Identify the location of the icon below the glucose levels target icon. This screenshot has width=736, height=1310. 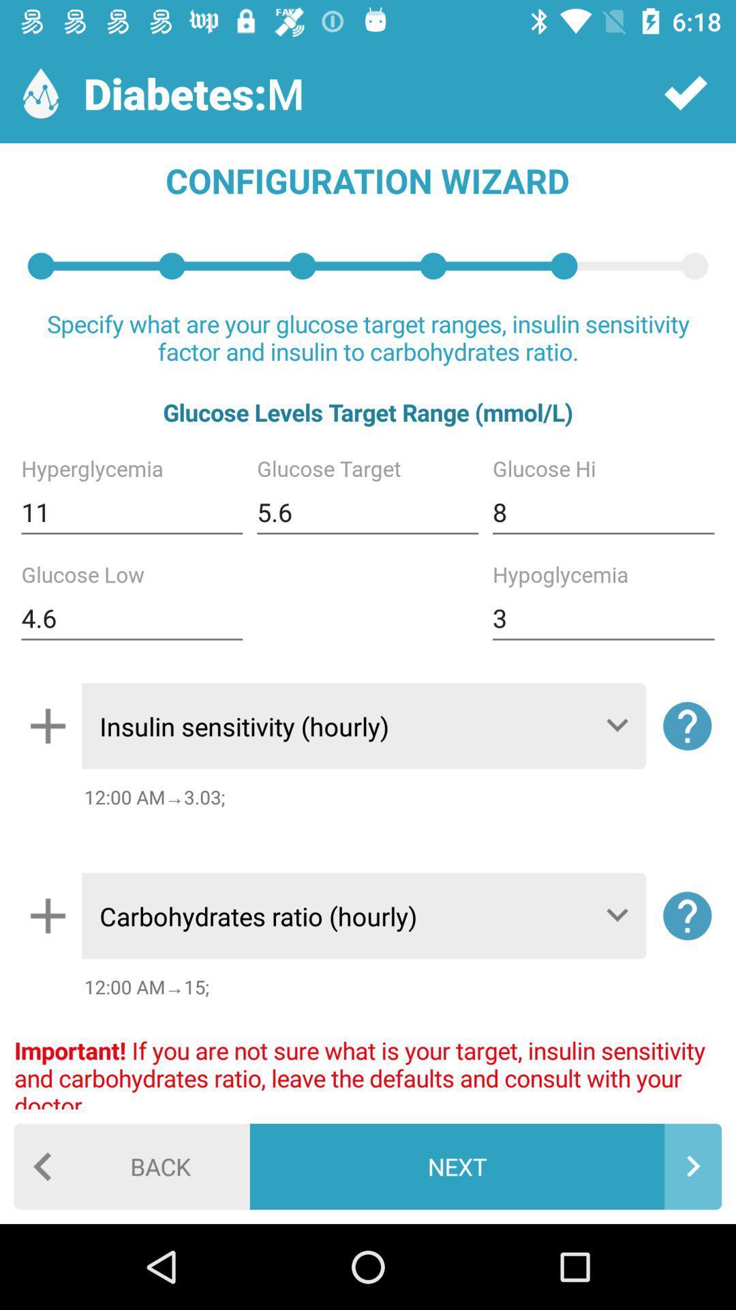
(602, 512).